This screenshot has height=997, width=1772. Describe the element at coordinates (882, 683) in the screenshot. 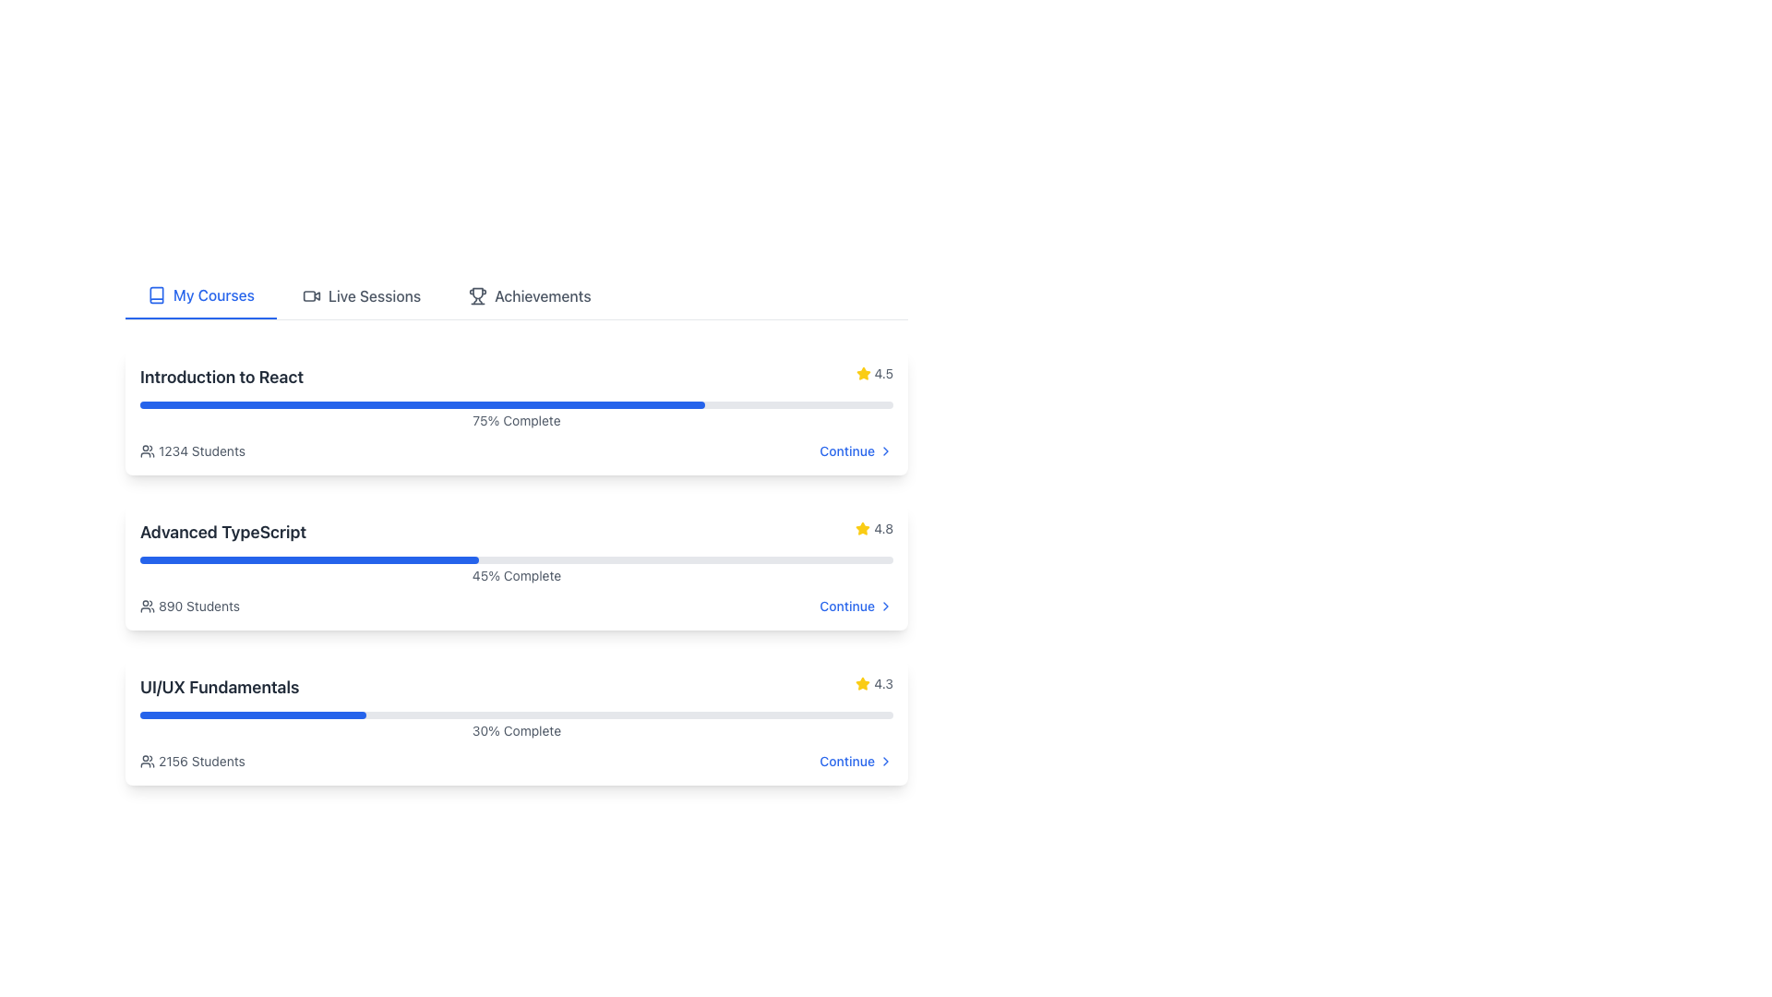

I see `text of the rating label located at the bottom right of the 'UI/UX Fundamentals' course card, next to the yellow star icon` at that location.